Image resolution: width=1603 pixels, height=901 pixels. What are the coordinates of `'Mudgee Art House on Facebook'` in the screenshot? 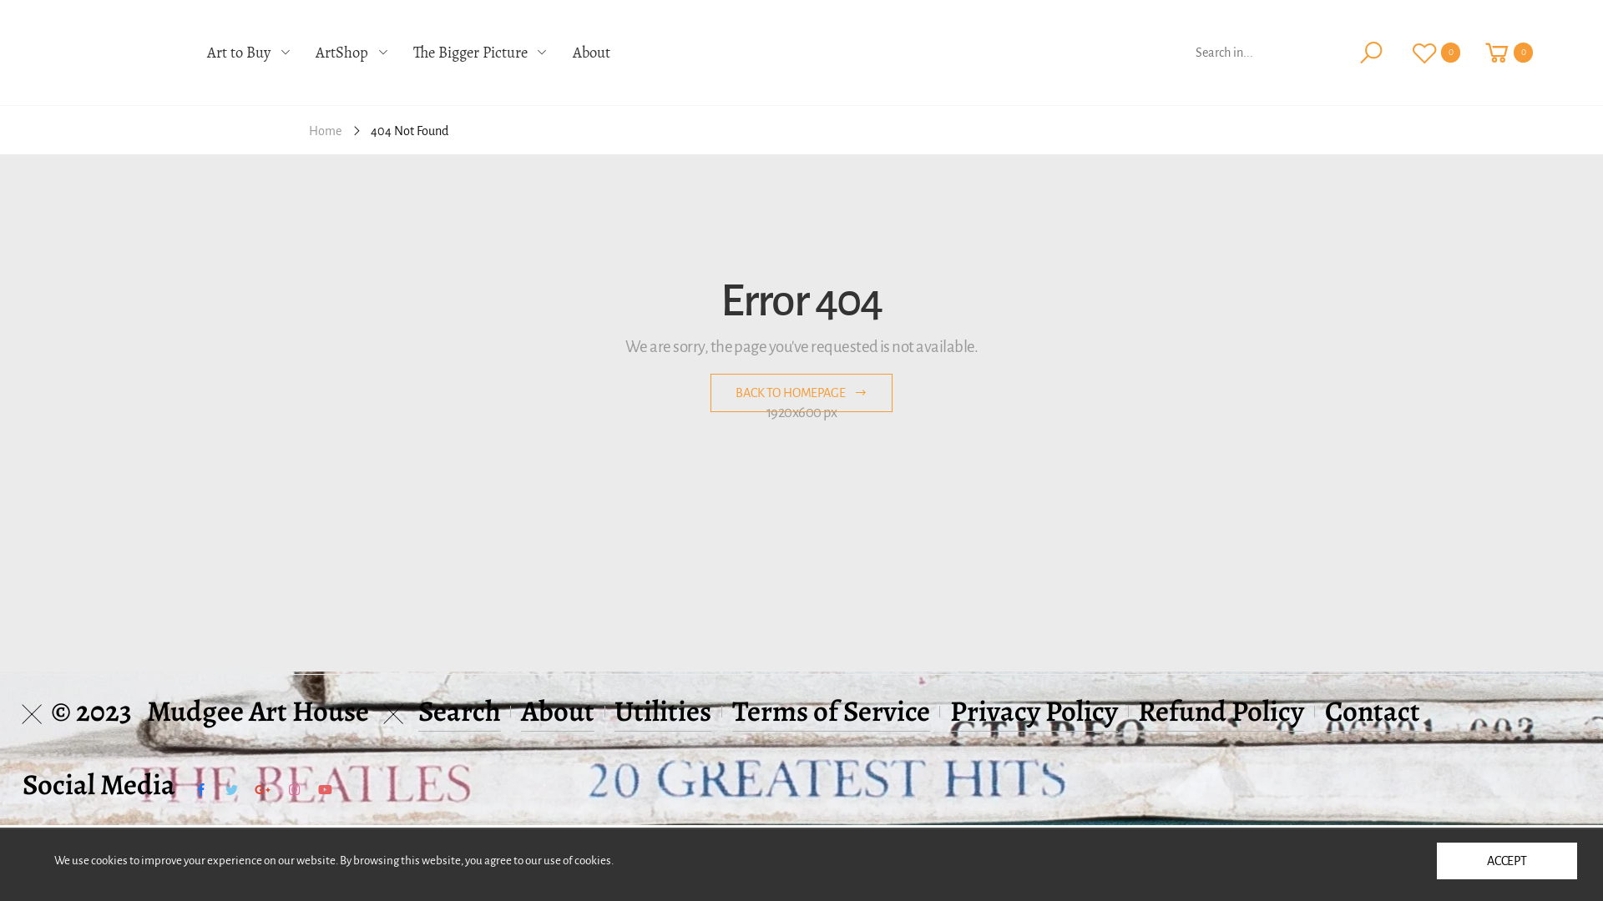 It's located at (195, 789).